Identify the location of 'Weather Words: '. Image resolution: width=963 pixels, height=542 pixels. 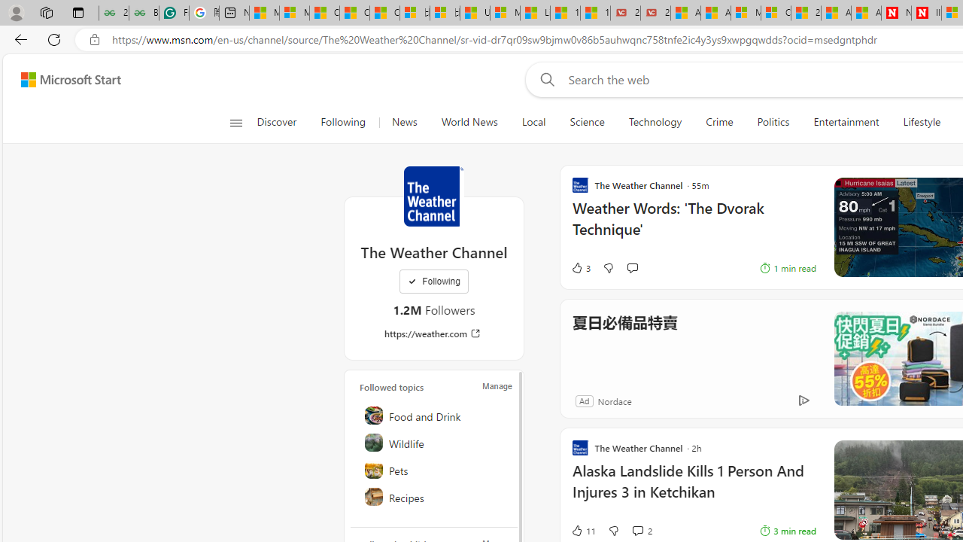
(693, 226).